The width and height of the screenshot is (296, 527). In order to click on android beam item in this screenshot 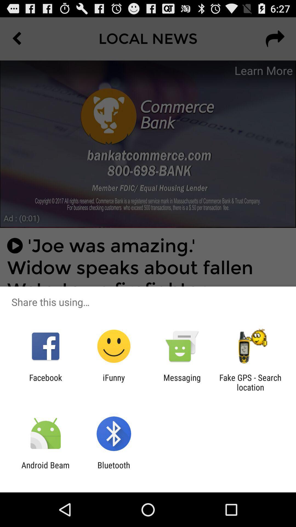, I will do `click(45, 470)`.